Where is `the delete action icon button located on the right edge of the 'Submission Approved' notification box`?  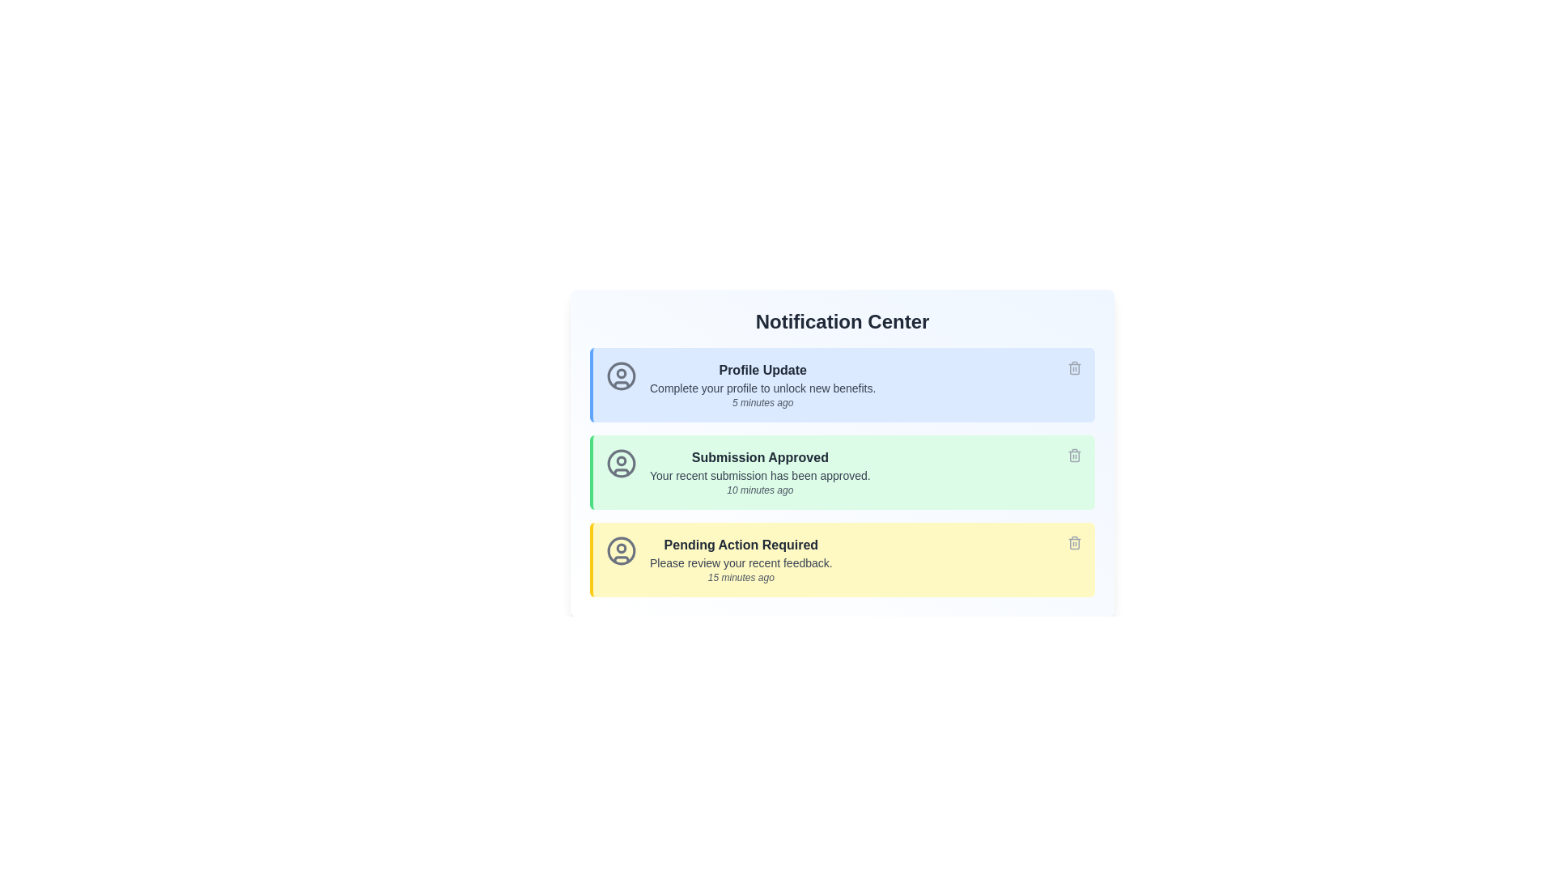
the delete action icon button located on the right edge of the 'Submission Approved' notification box is located at coordinates (1075, 456).